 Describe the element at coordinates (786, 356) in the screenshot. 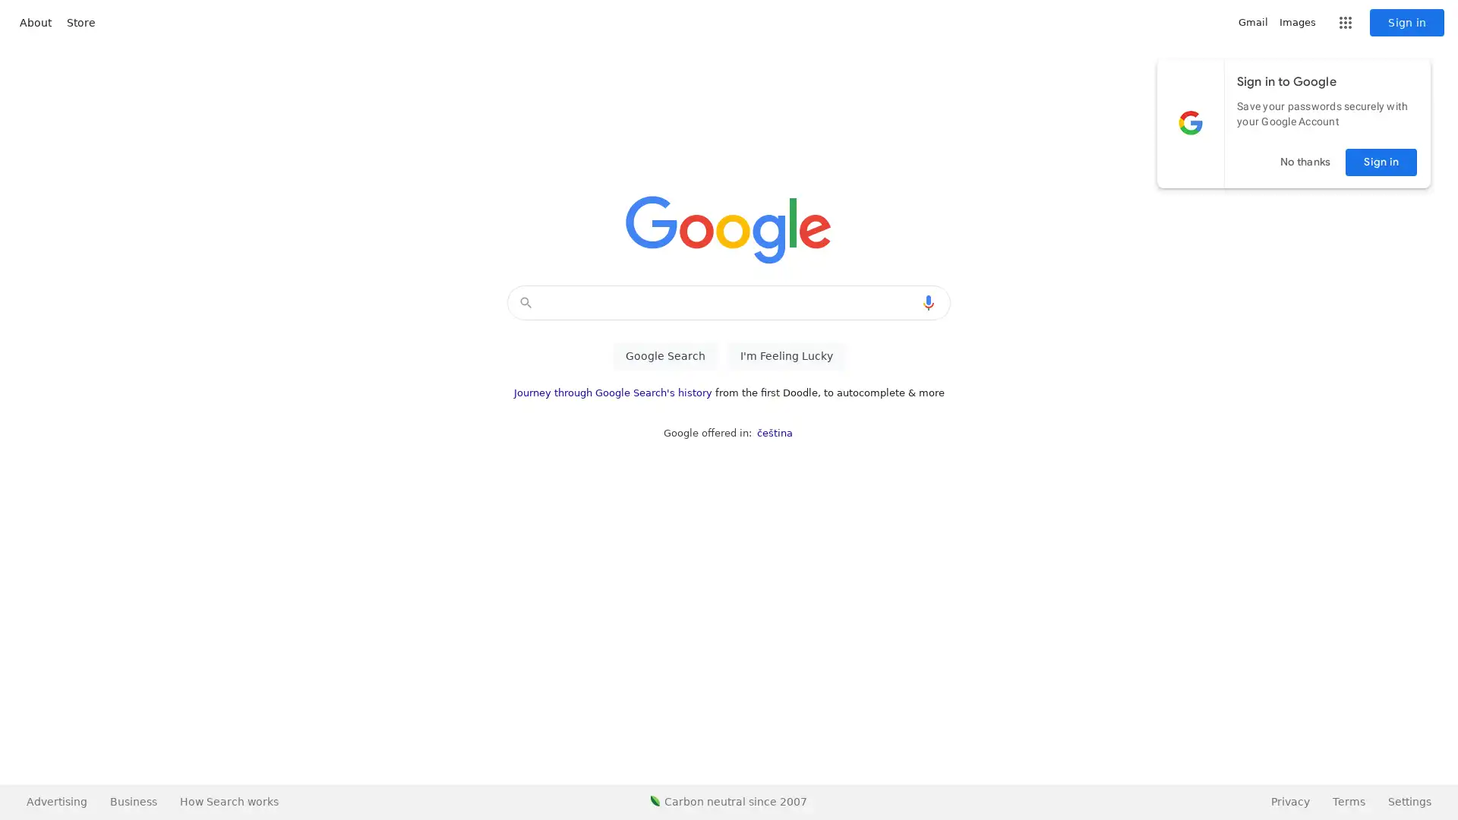

I see `I'm Feeling Lucky` at that location.